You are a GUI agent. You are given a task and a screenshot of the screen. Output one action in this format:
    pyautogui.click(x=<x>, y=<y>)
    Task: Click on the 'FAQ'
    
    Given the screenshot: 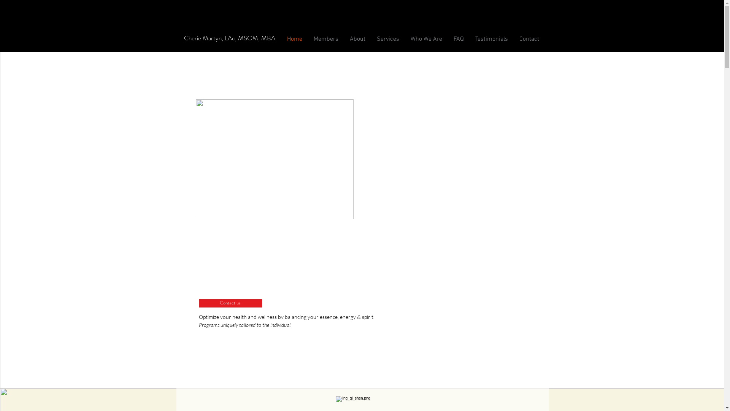 What is the action you would take?
    pyautogui.click(x=458, y=39)
    